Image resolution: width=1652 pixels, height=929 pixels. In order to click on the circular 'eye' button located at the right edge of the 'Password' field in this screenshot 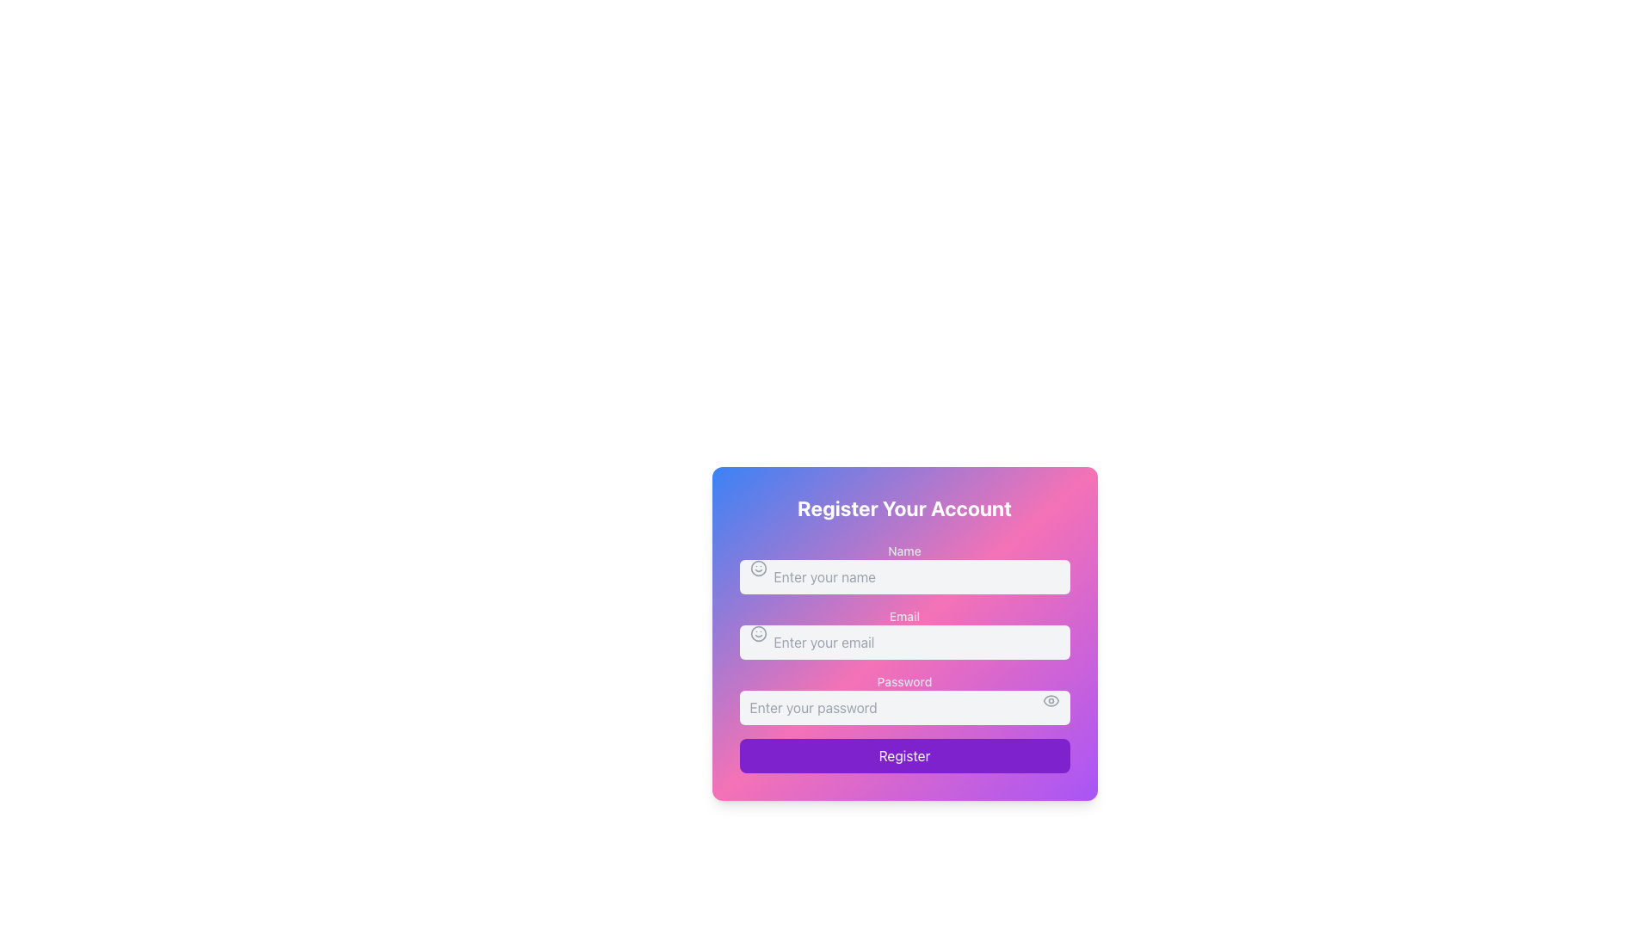, I will do `click(1050, 700)`.